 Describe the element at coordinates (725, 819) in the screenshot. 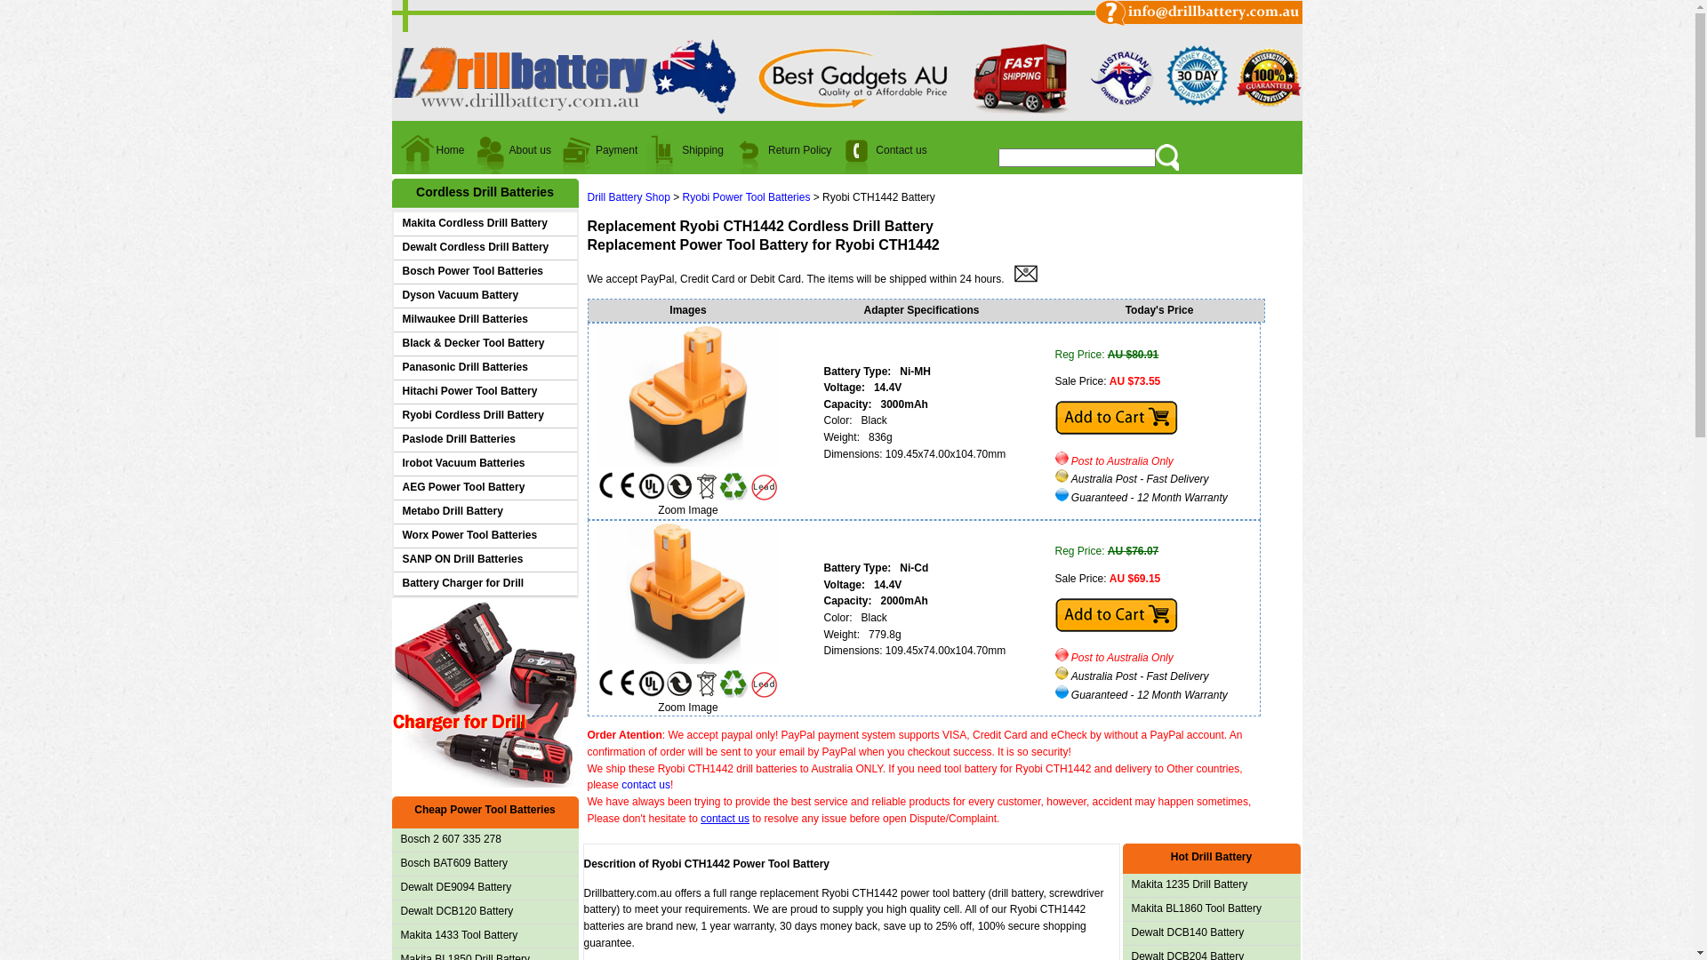

I see `'contact us'` at that location.